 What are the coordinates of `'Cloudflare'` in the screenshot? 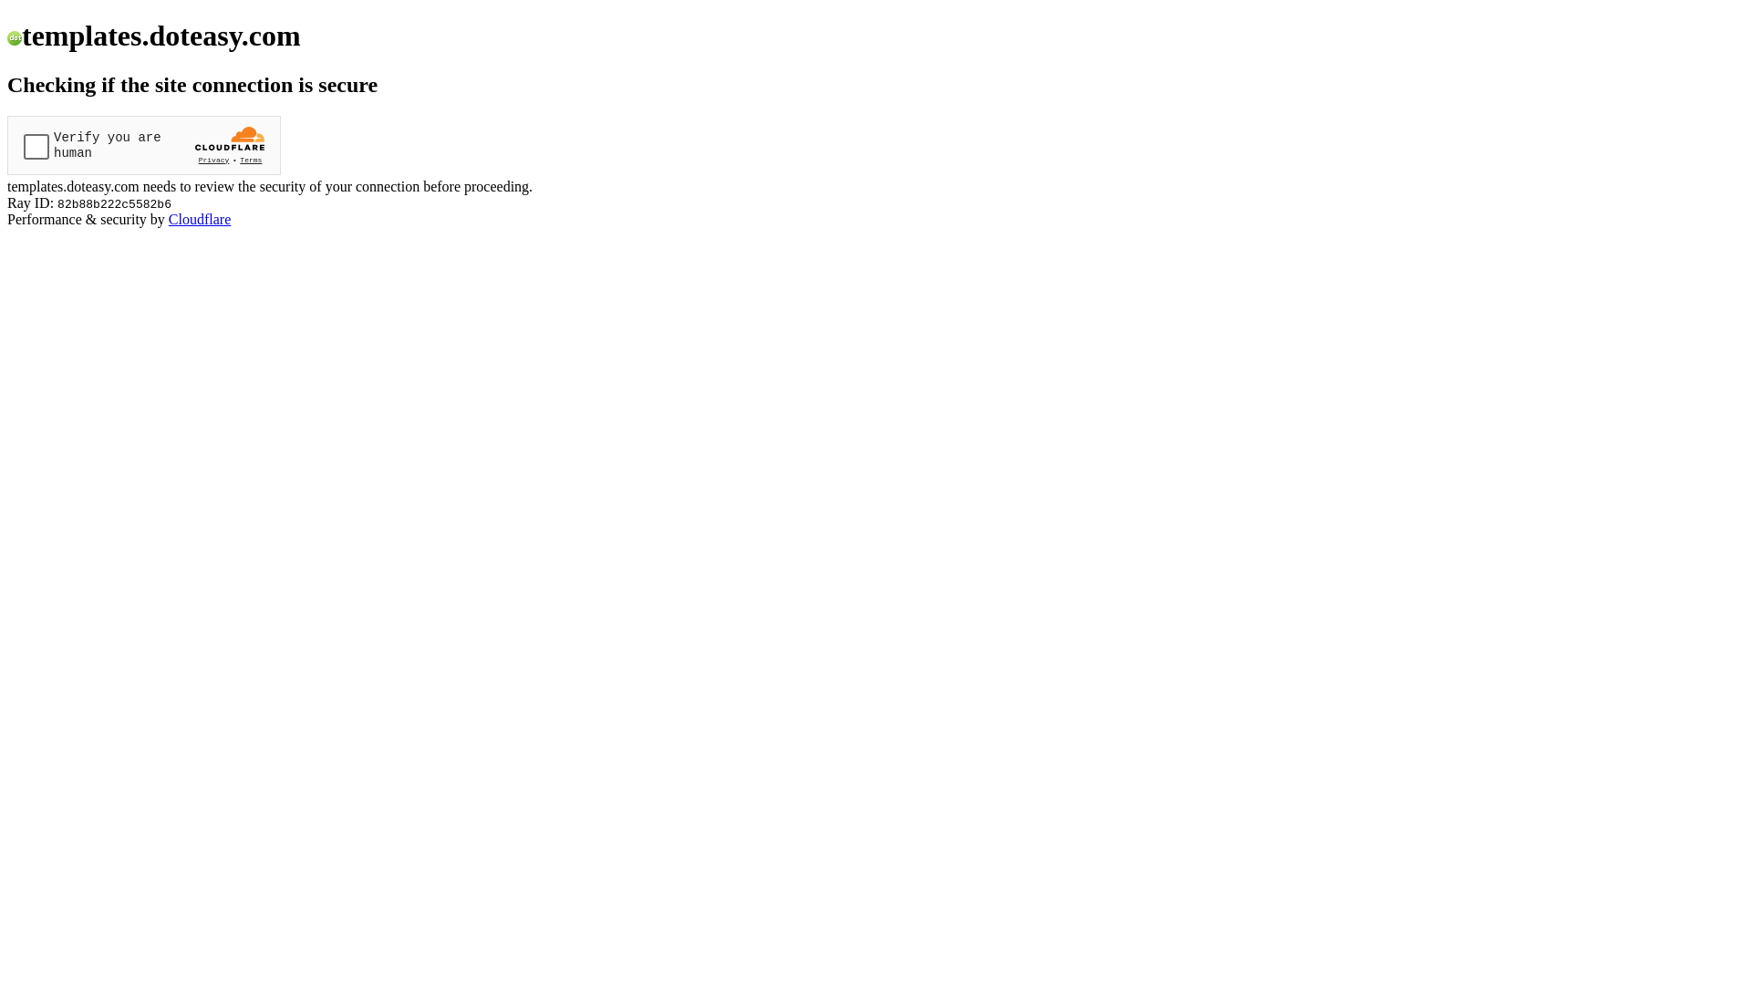 It's located at (200, 218).